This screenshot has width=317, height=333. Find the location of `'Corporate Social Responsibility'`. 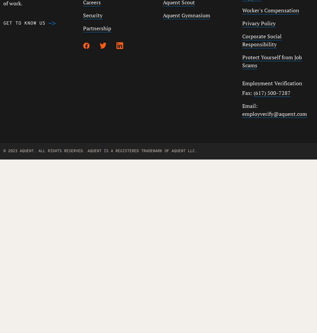

'Corporate Social Responsibility' is located at coordinates (261, 40).